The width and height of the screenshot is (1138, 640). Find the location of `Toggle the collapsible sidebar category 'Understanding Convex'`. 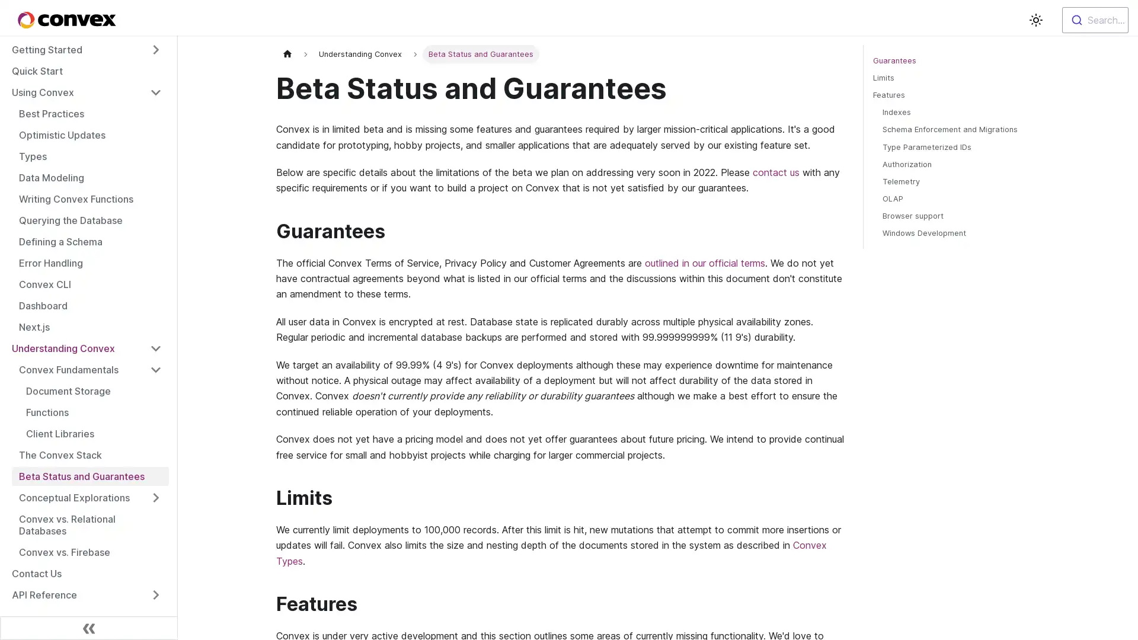

Toggle the collapsible sidebar category 'Understanding Convex' is located at coordinates (155, 347).